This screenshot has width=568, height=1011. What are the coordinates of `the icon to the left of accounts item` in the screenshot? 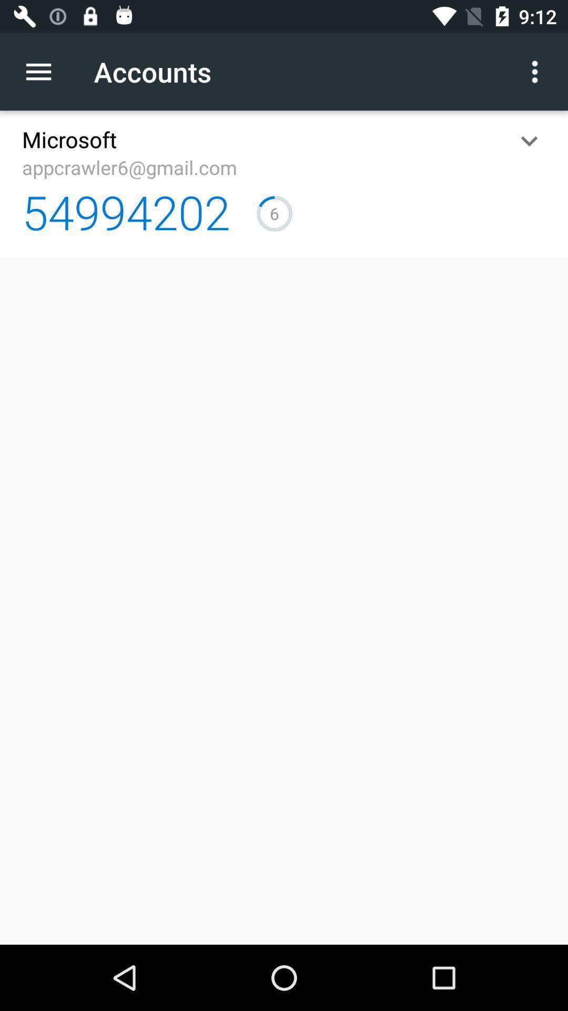 It's located at (44, 71).